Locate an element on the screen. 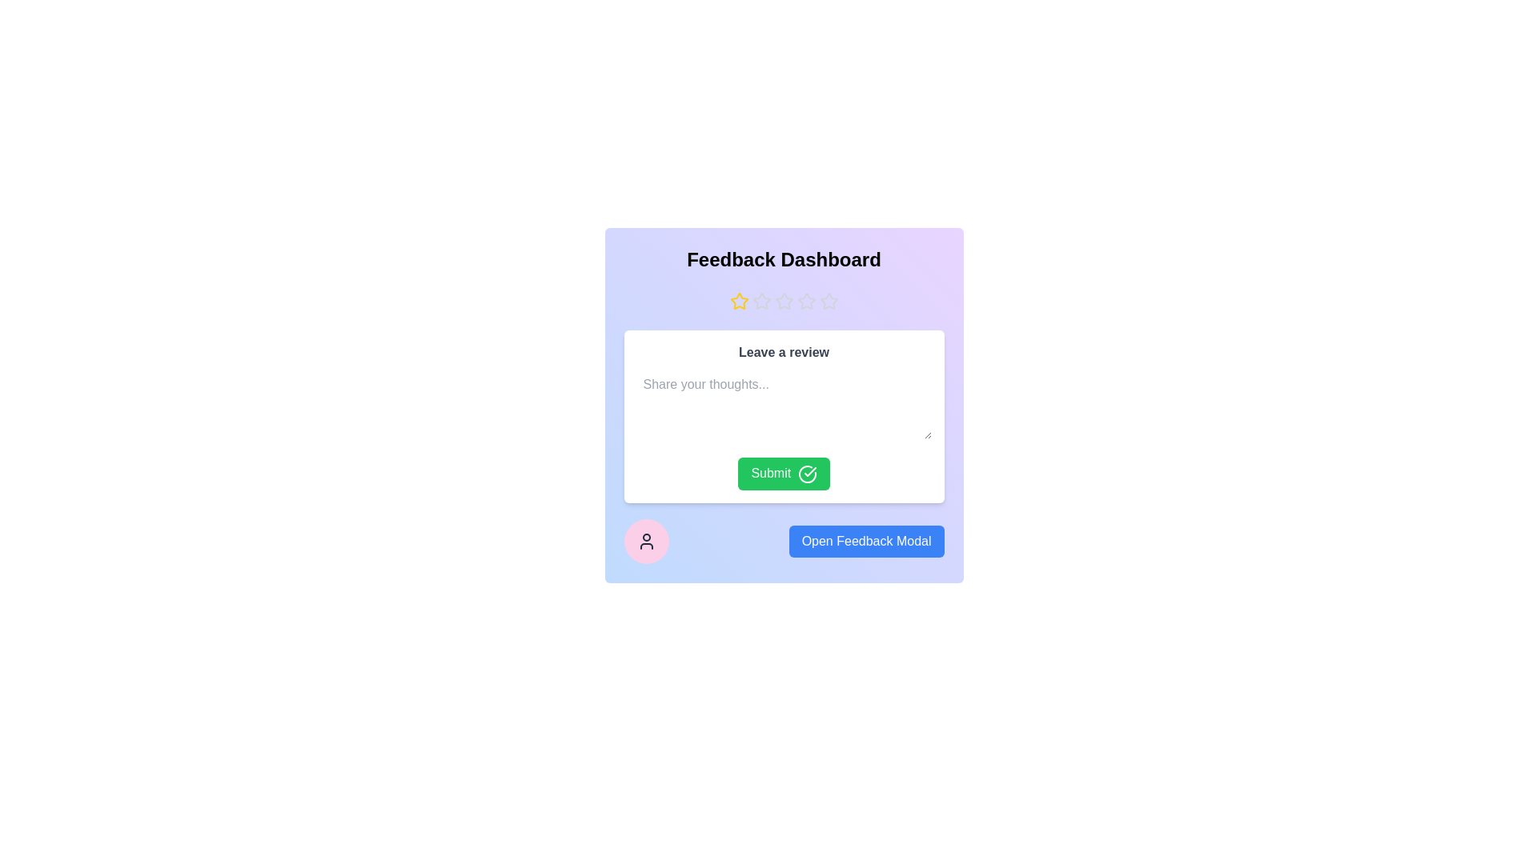  circular green checkmark icon located to the right of the 'Submit' button for accessibility purposes is located at coordinates (807, 473).